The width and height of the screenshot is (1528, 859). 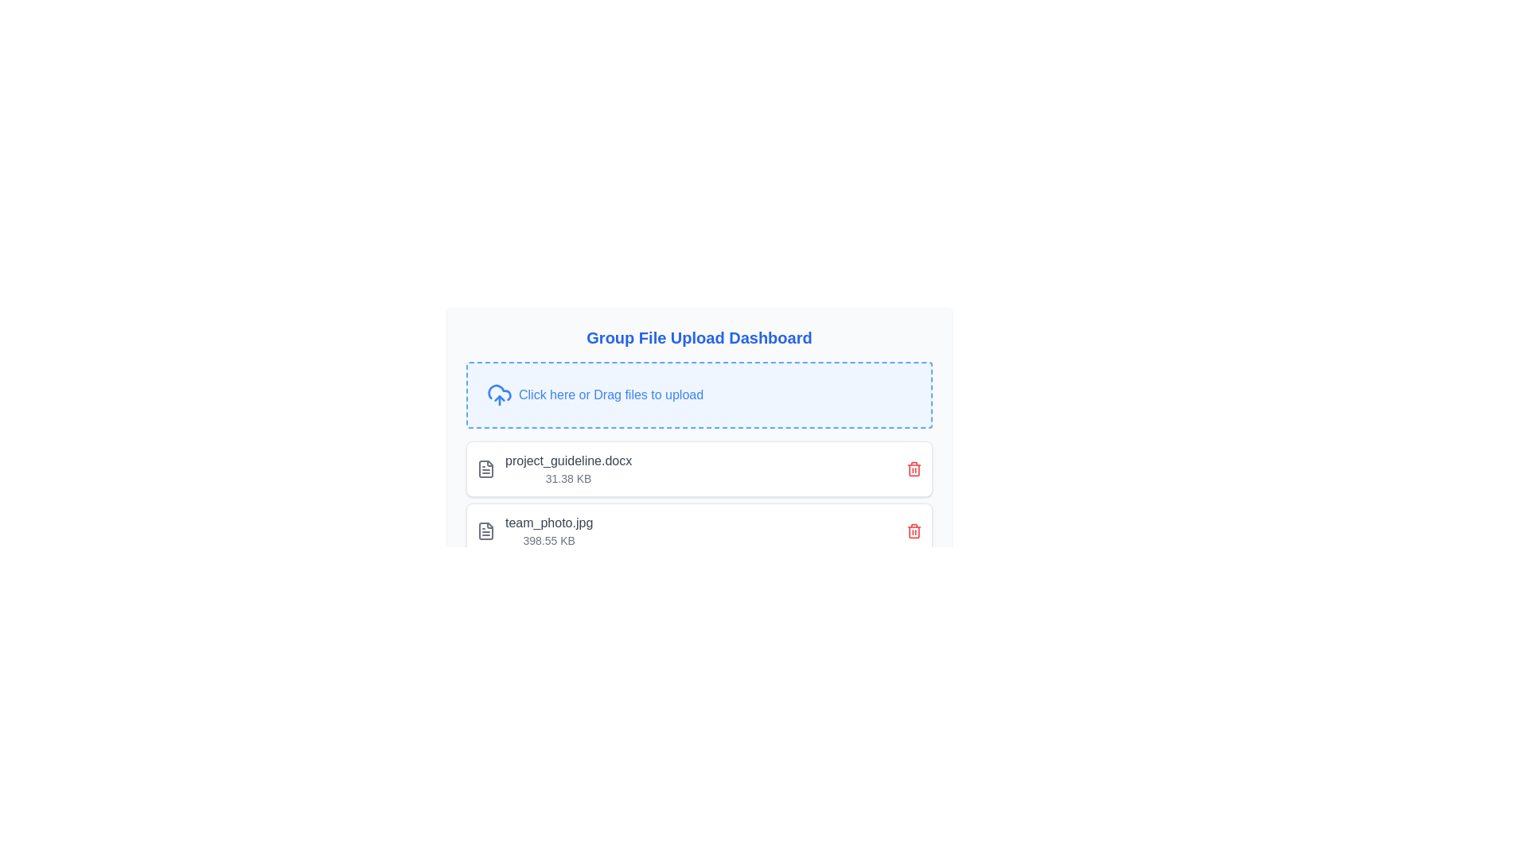 I want to click on the small gray document icon located to the left of the file name 'team_photo.jpg' in the file listing interface, so click(x=485, y=531).